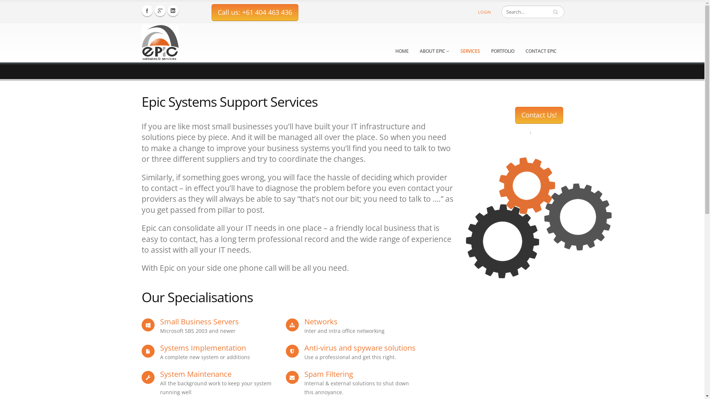  I want to click on 'PORTFOLIO', so click(485, 45).